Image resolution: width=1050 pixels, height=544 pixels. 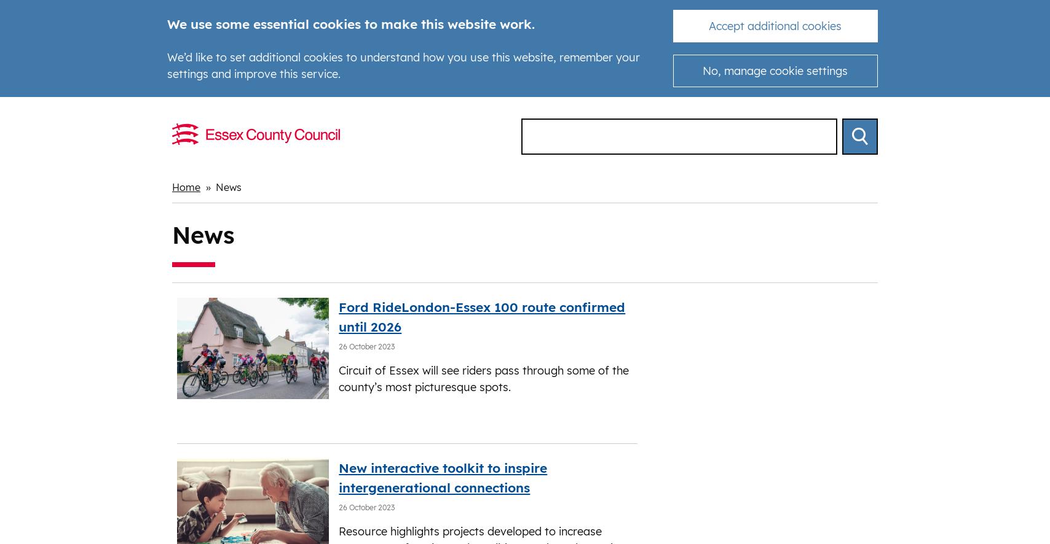 I want to click on 'Ford RideLondon-Essex 100 route confirmed until 2026', so click(x=481, y=316).